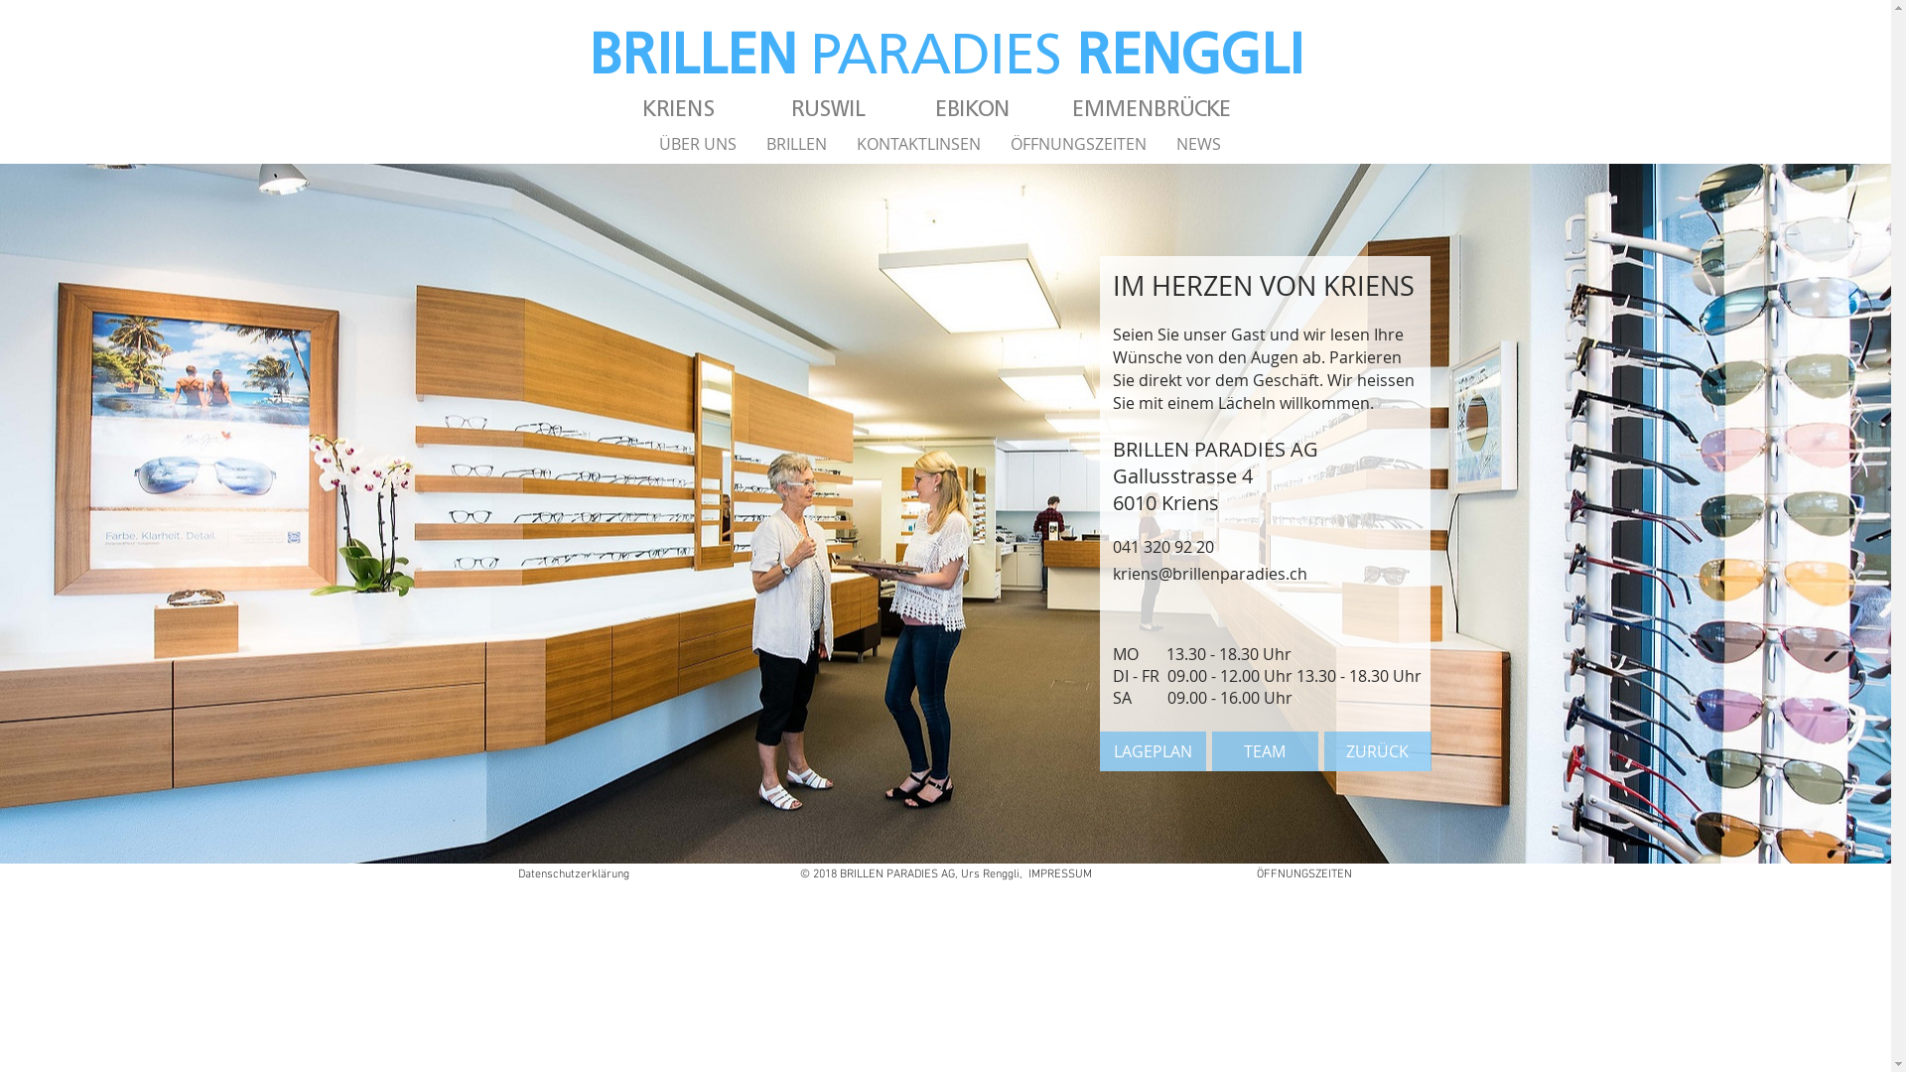 The width and height of the screenshot is (1906, 1072). Describe the element at coordinates (1153, 750) in the screenshot. I see `'LAGEPLAN'` at that location.